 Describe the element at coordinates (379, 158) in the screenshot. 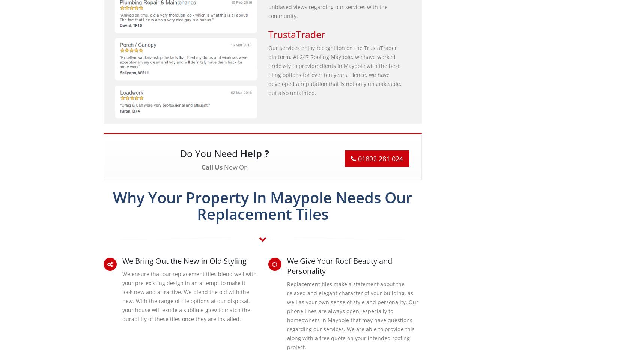

I see `'01892 281 024'` at that location.